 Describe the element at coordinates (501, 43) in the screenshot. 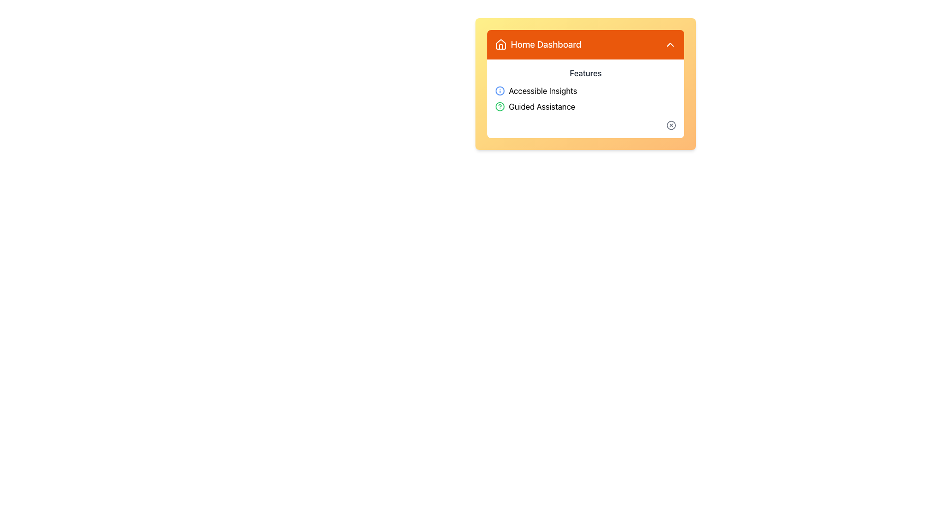

I see `the 'Home' icon located in the card header, positioned to the left of the 'Home Dashboard' text` at that location.